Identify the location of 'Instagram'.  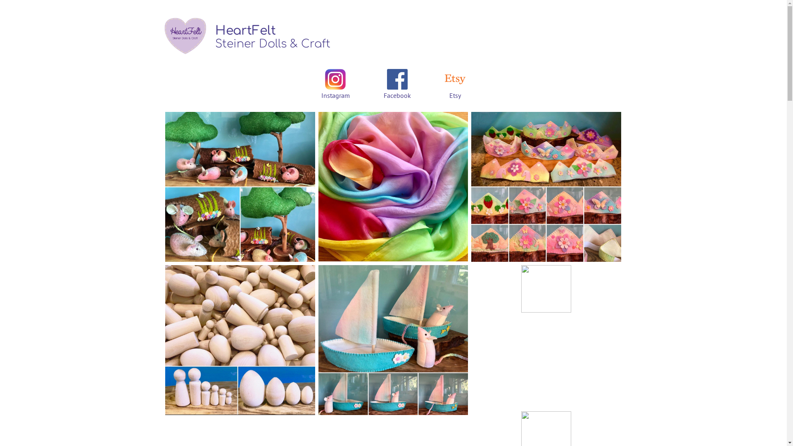
(335, 95).